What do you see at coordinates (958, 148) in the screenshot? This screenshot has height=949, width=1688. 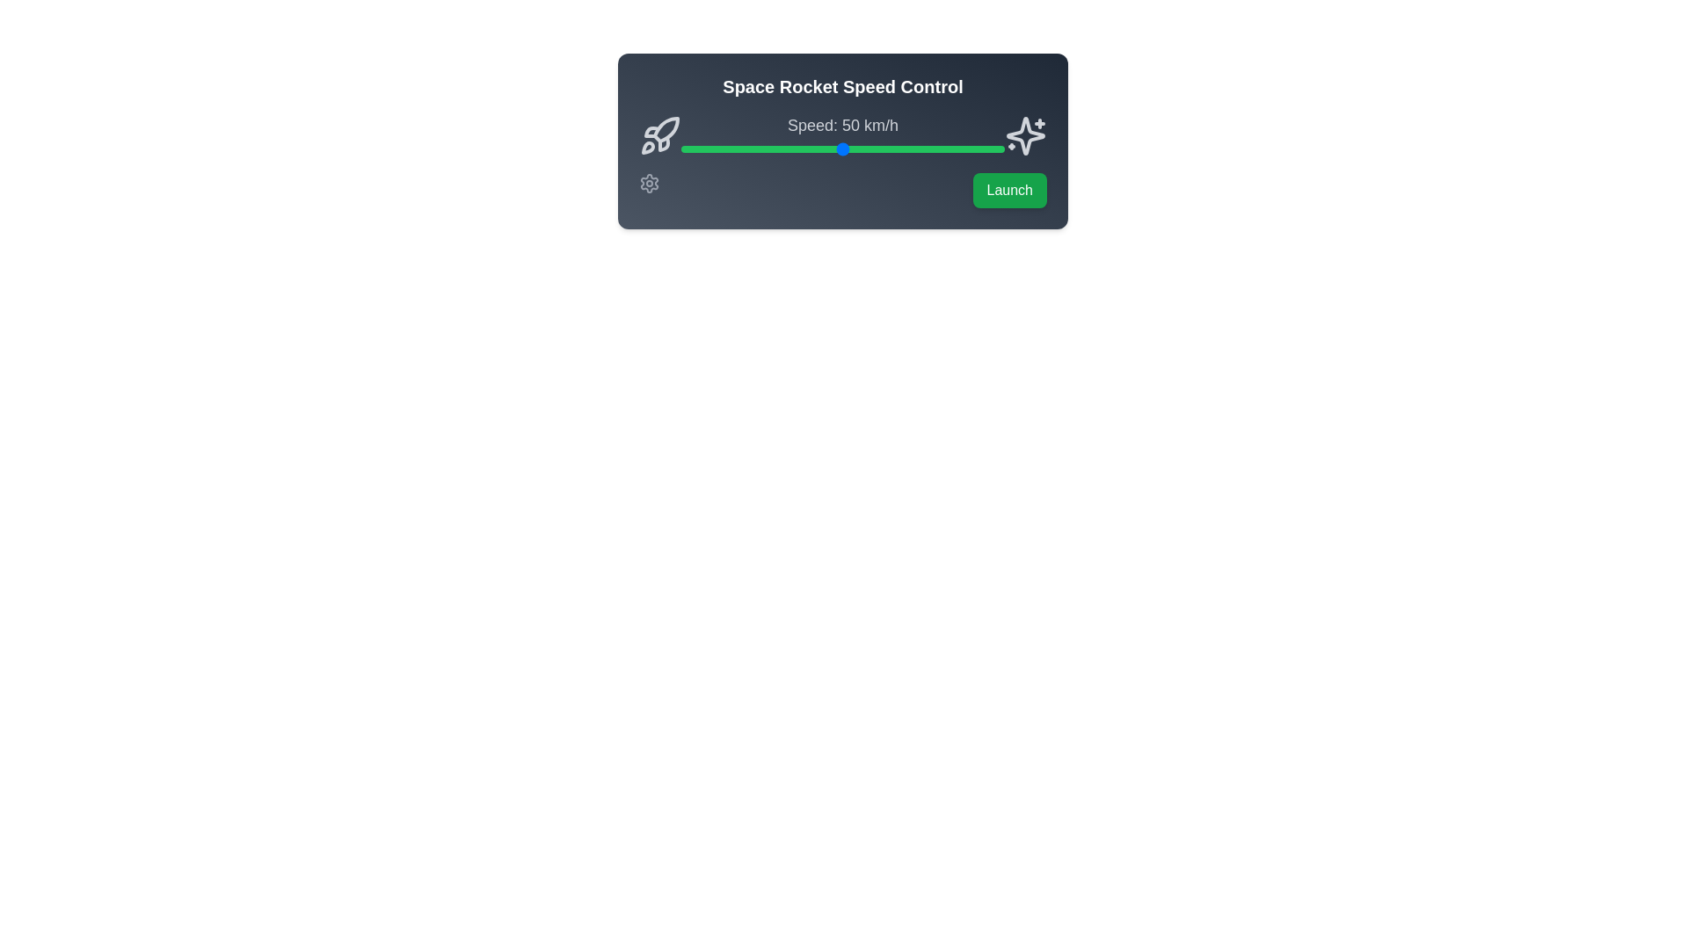 I see `the speed slider to set the speed to 86 km/h` at bounding box center [958, 148].